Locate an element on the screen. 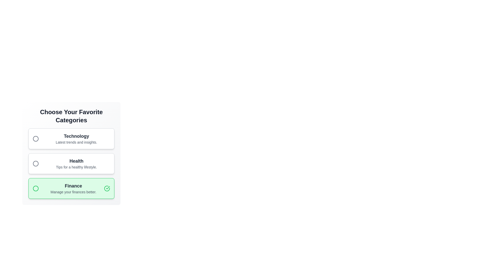  the category Health to observe its hover effect is located at coordinates (71, 163).